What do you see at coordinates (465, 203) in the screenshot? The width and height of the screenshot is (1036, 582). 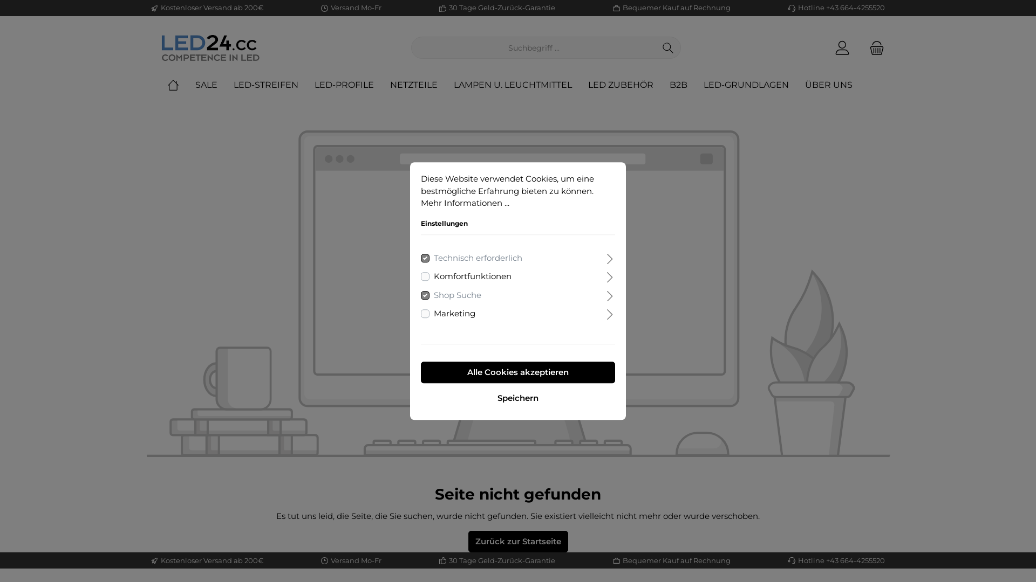 I see `'Mehr Informationen ...'` at bounding box center [465, 203].